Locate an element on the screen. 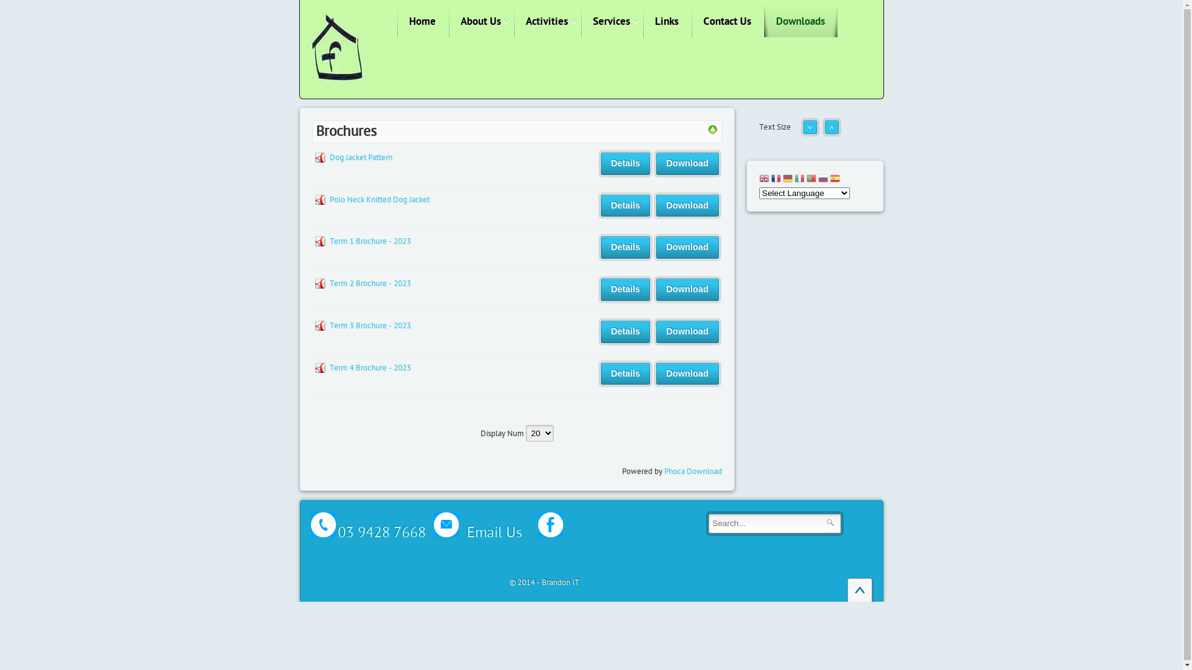  'English' is located at coordinates (758, 179).